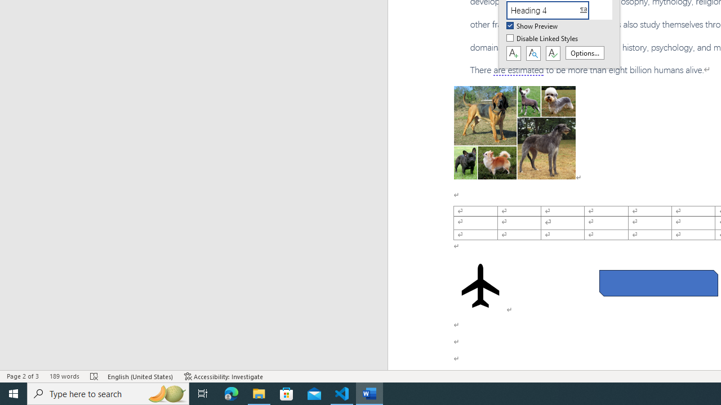 This screenshot has width=721, height=405. What do you see at coordinates (543, 38) in the screenshot?
I see `'Disable Linked Styles'` at bounding box center [543, 38].